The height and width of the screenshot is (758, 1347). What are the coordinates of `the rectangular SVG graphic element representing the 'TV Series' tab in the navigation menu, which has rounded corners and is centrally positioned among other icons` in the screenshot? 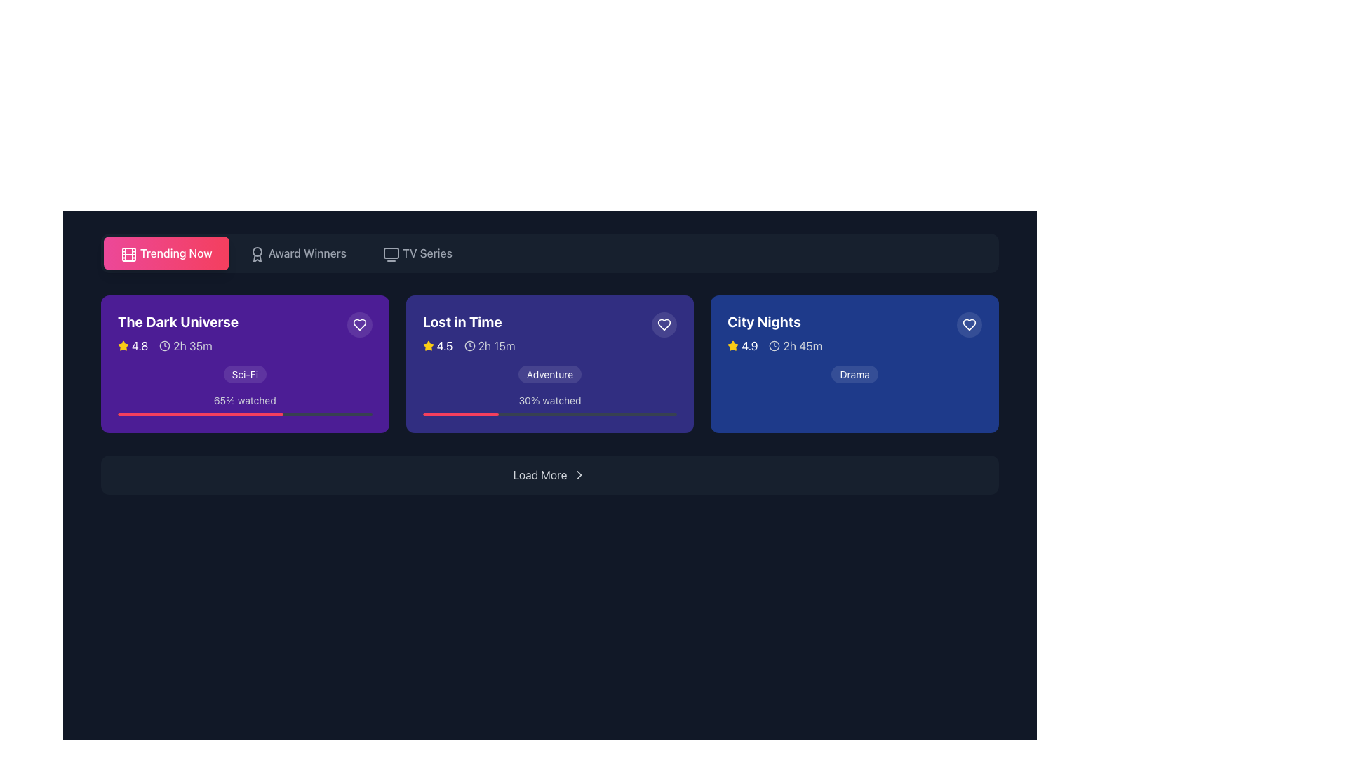 It's located at (391, 253).